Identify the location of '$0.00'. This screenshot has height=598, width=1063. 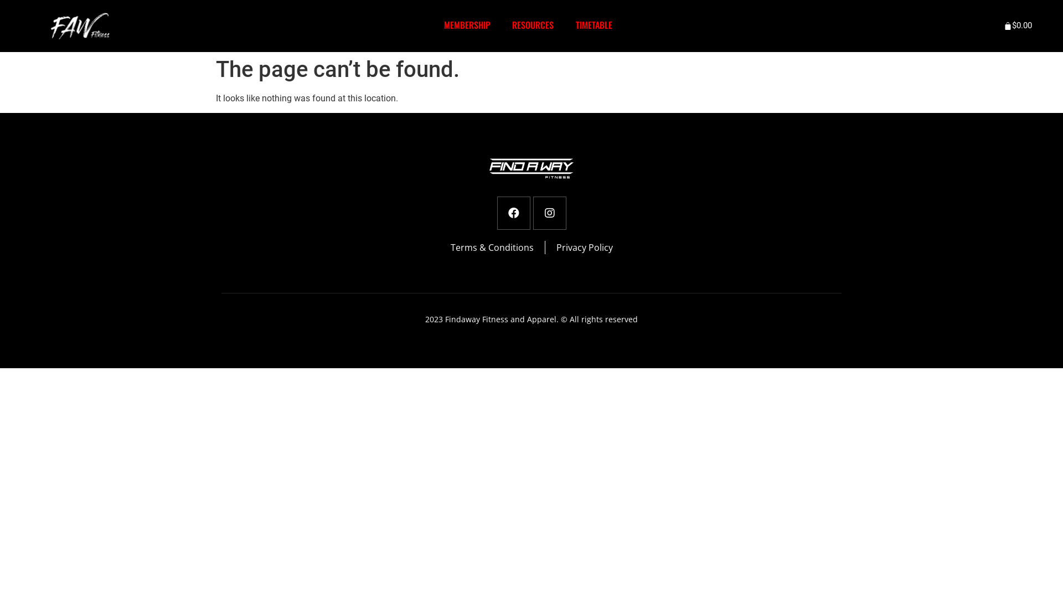
(1019, 25).